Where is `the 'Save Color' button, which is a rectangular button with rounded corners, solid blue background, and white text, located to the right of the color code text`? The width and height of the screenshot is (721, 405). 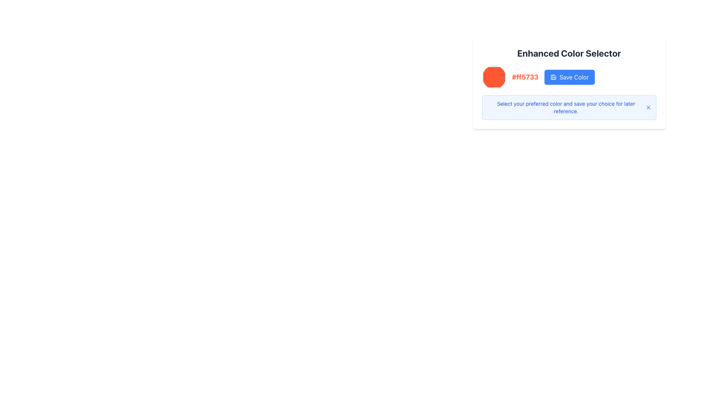 the 'Save Color' button, which is a rectangular button with rounded corners, solid blue background, and white text, located to the right of the color code text is located at coordinates (569, 77).